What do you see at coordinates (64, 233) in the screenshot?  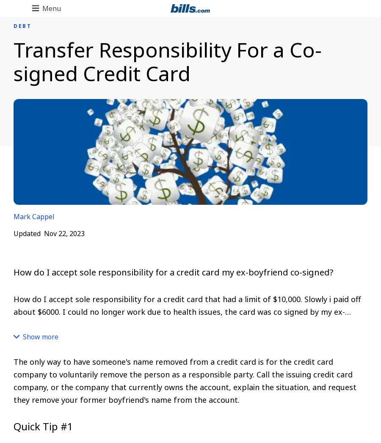 I see `'Nov 22, 2023'` at bounding box center [64, 233].